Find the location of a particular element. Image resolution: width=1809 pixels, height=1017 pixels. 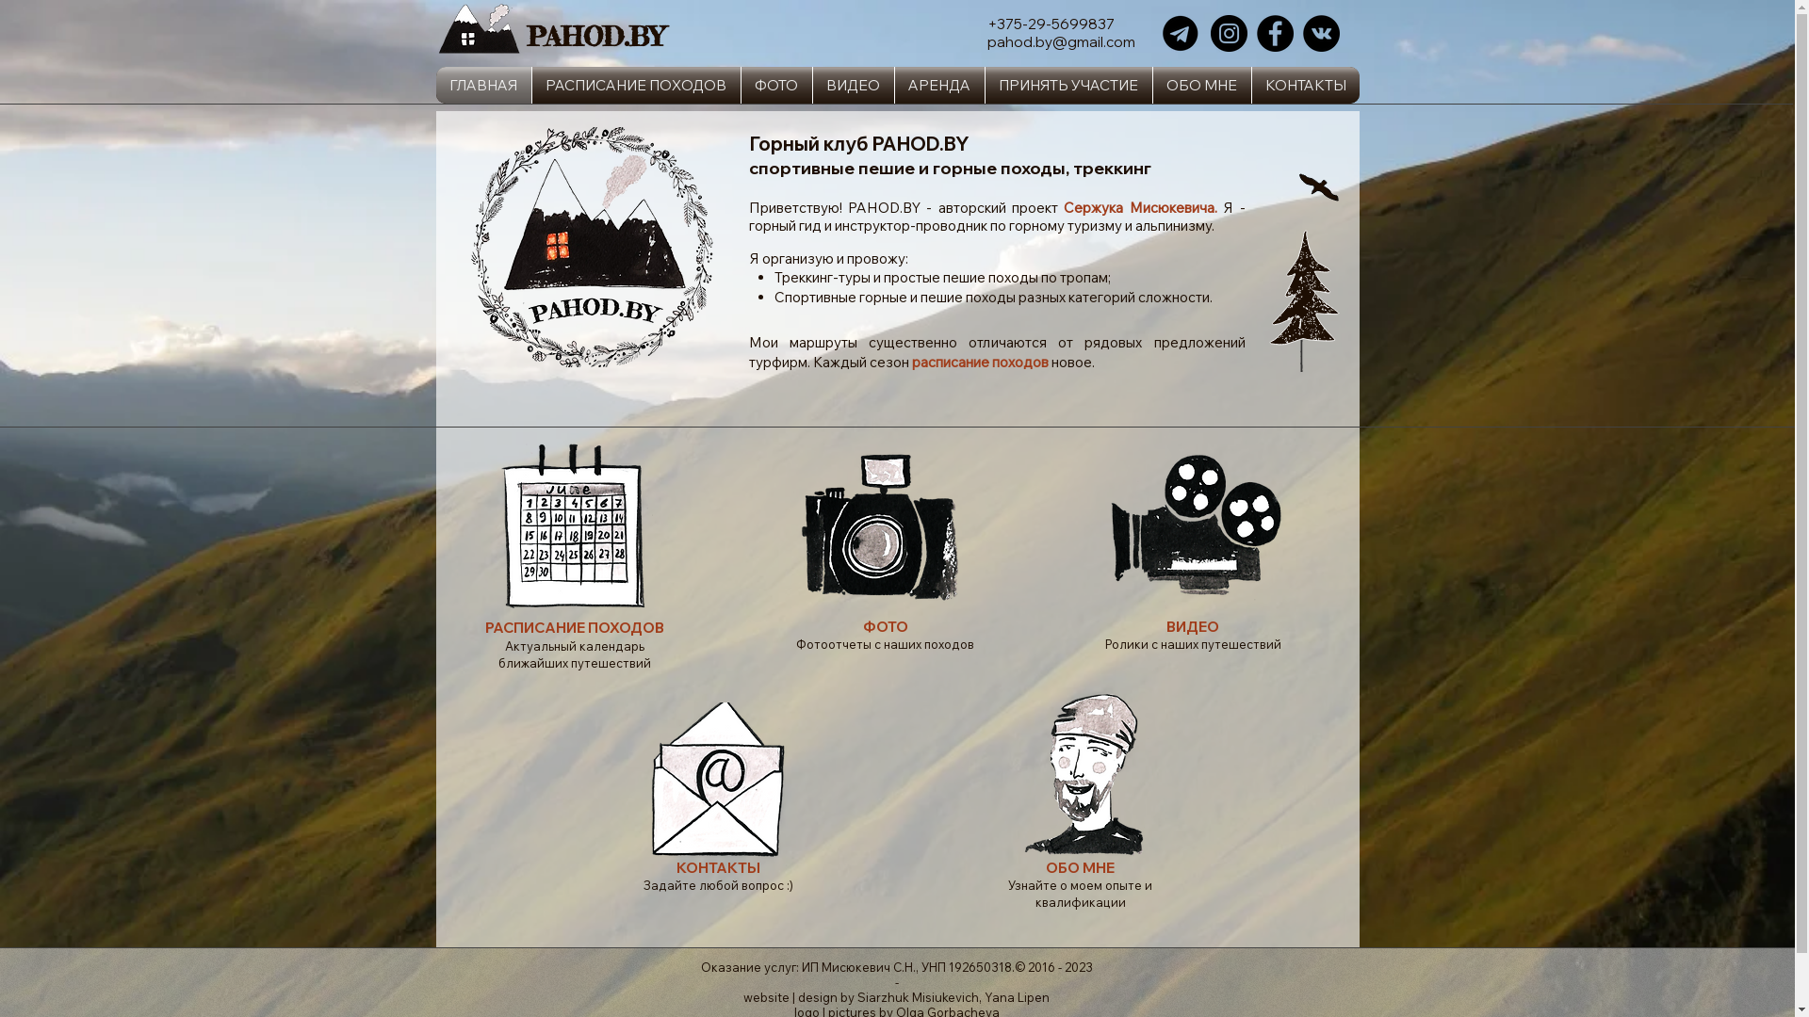

'pahod.by@gmail.com' is located at coordinates (1061, 41).